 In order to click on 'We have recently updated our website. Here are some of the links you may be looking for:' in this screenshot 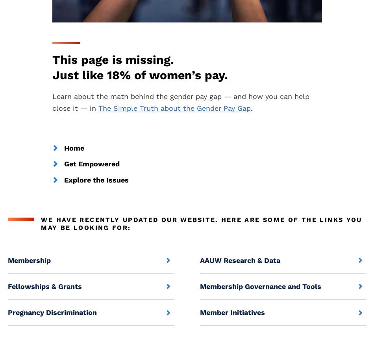, I will do `click(201, 223)`.